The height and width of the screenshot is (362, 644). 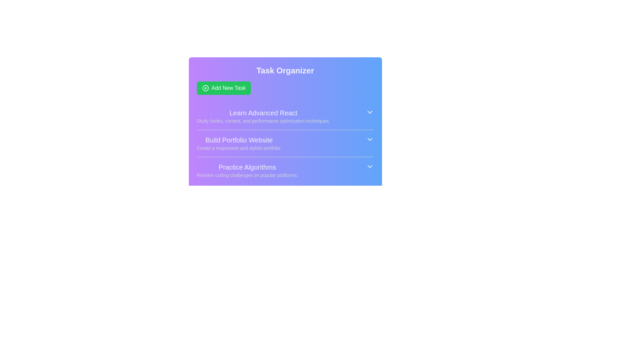 I want to click on the 'Add Task' button located below the 'Task Organizer' title, so click(x=224, y=87).